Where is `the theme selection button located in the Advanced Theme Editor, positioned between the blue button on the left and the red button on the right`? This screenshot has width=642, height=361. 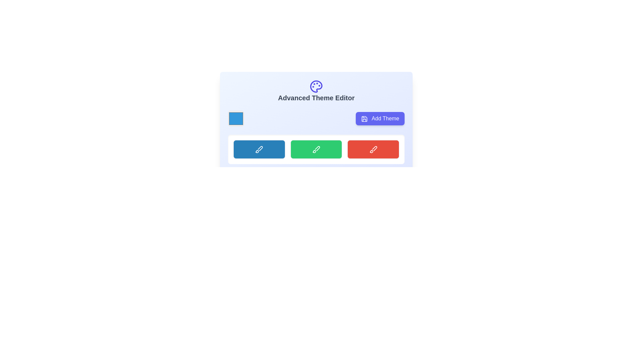
the theme selection button located in the Advanced Theme Editor, positioned between the blue button on the left and the red button on the right is located at coordinates (316, 149).